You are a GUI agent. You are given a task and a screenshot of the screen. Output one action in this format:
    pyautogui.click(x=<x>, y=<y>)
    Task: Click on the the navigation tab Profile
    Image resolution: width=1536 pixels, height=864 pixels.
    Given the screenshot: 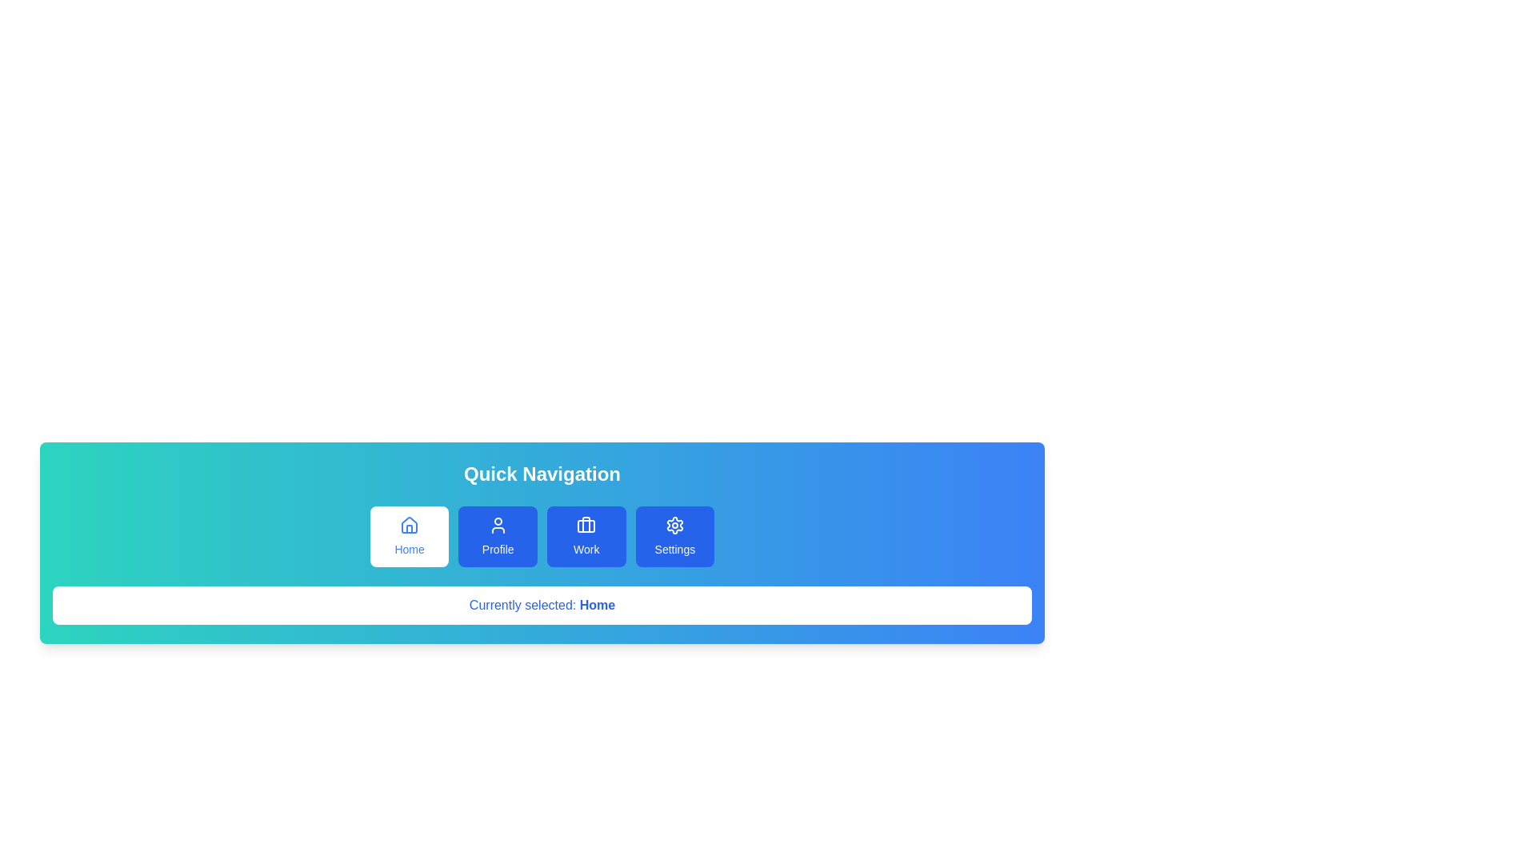 What is the action you would take?
    pyautogui.click(x=497, y=537)
    